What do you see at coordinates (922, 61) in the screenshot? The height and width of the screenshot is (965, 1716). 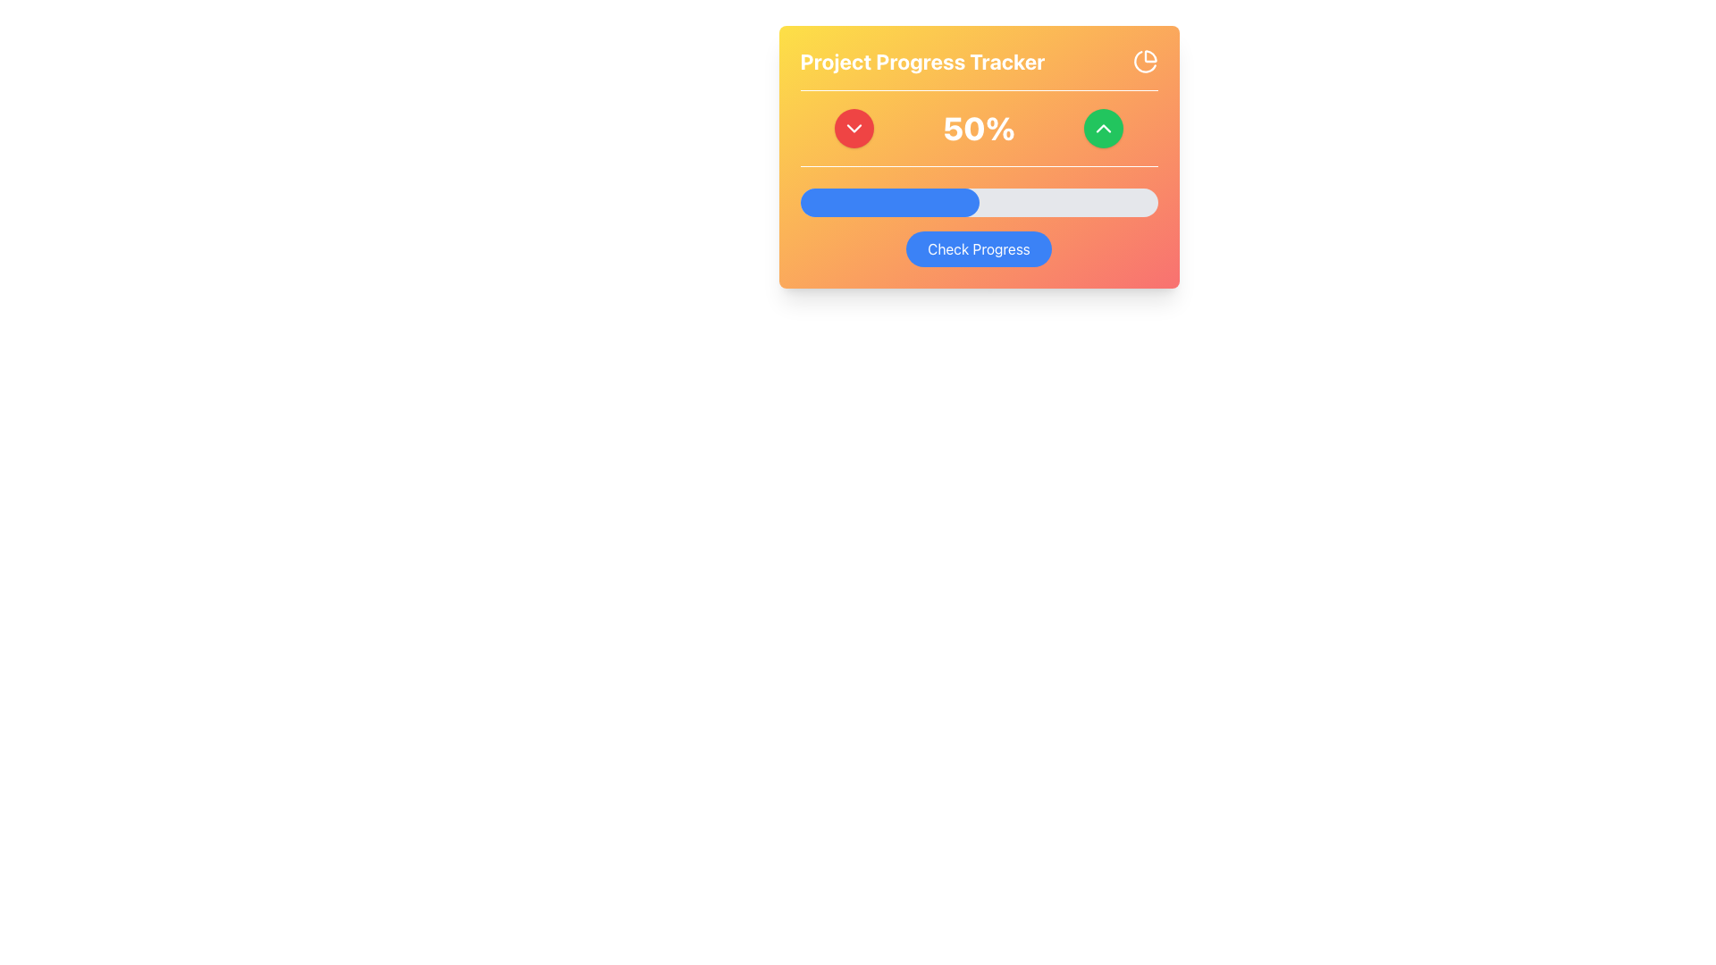 I see `the bold text element reading 'Project Progress Tracker' in white color, located on the top-left section of the card-like UI component with a gradient orange background` at bounding box center [922, 61].